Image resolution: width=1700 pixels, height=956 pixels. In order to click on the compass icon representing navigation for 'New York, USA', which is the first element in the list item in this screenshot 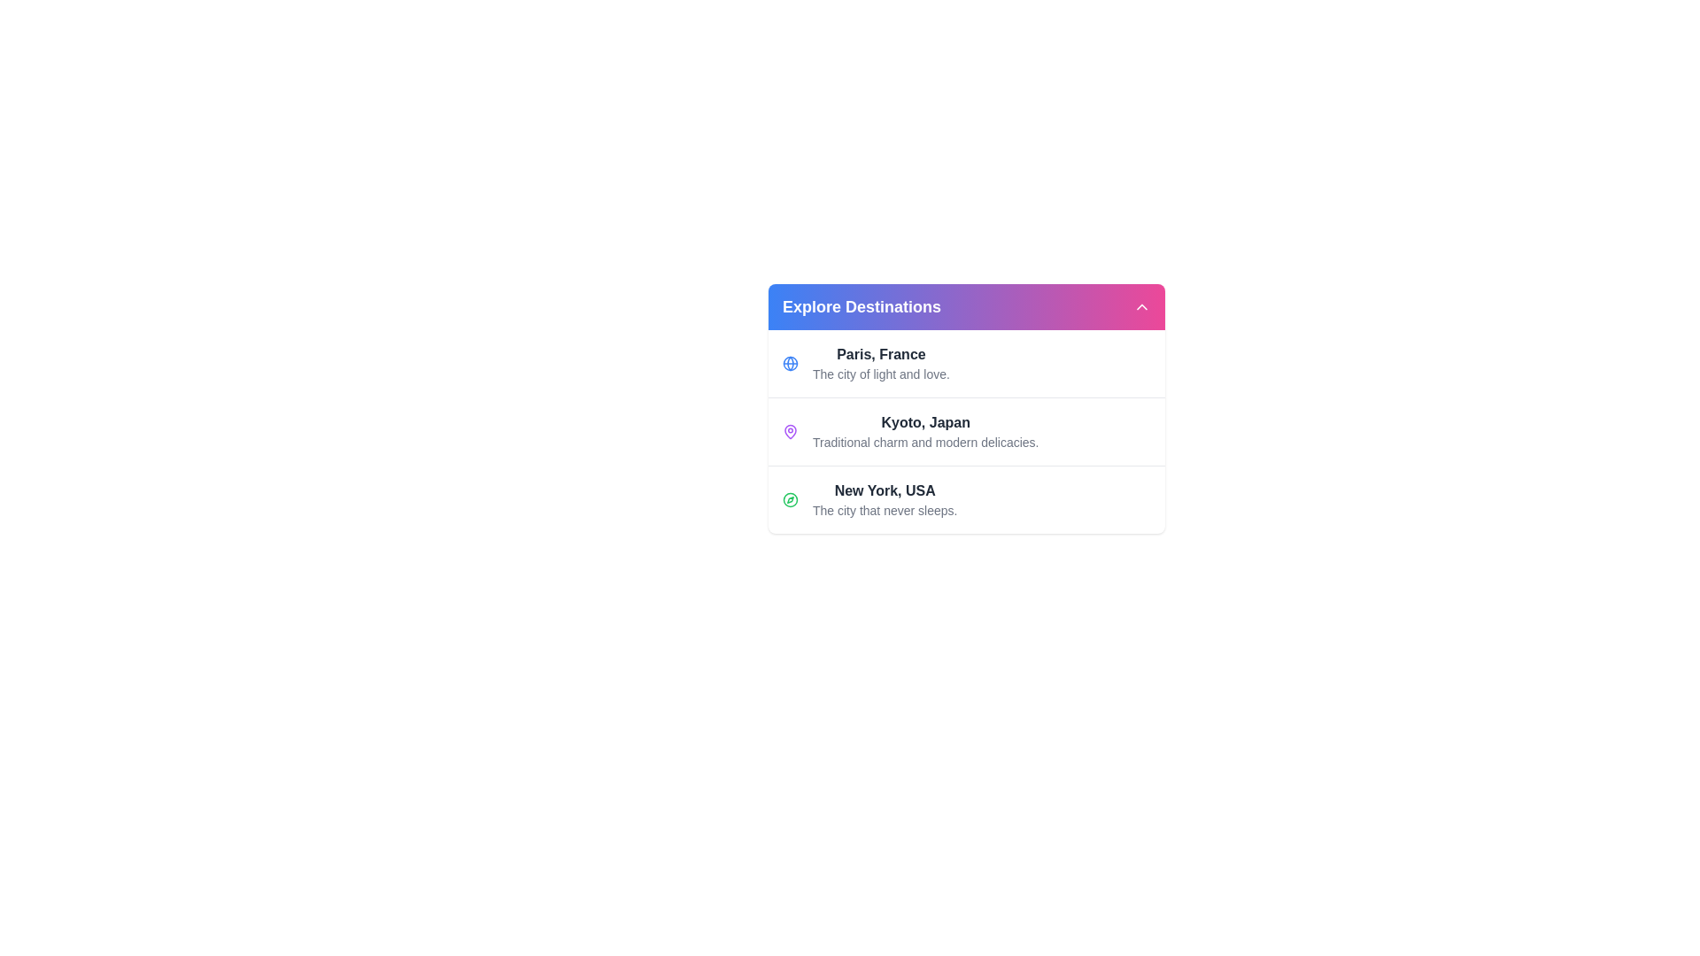, I will do `click(789, 499)`.